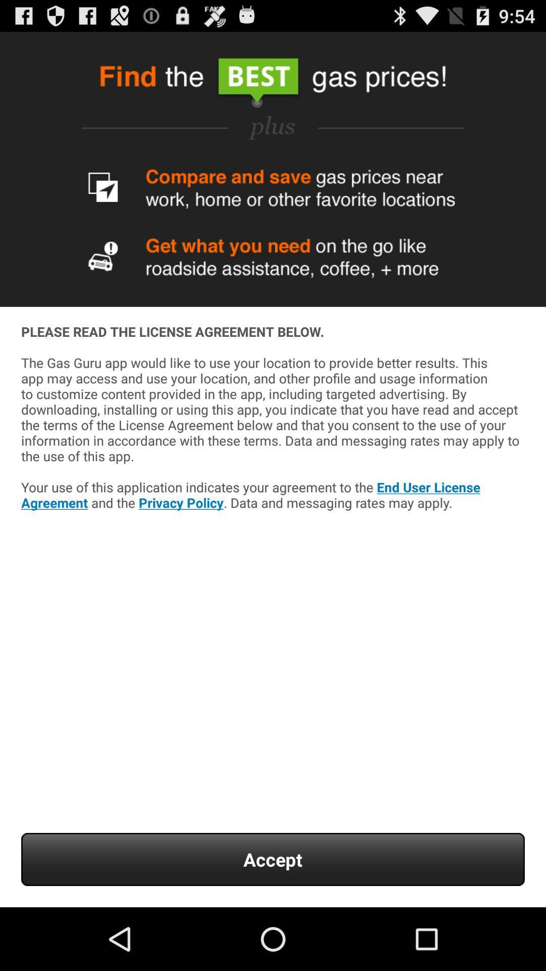  Describe the element at coordinates (273, 859) in the screenshot. I see `the accept icon` at that location.